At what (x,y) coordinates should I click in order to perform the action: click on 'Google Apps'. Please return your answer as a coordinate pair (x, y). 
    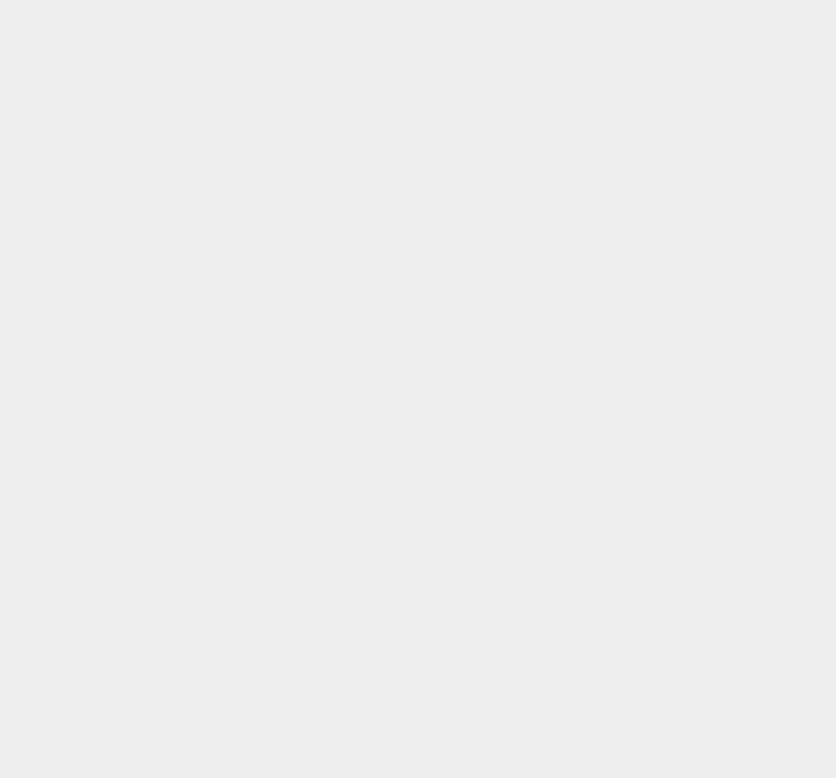
    Looking at the image, I should click on (619, 627).